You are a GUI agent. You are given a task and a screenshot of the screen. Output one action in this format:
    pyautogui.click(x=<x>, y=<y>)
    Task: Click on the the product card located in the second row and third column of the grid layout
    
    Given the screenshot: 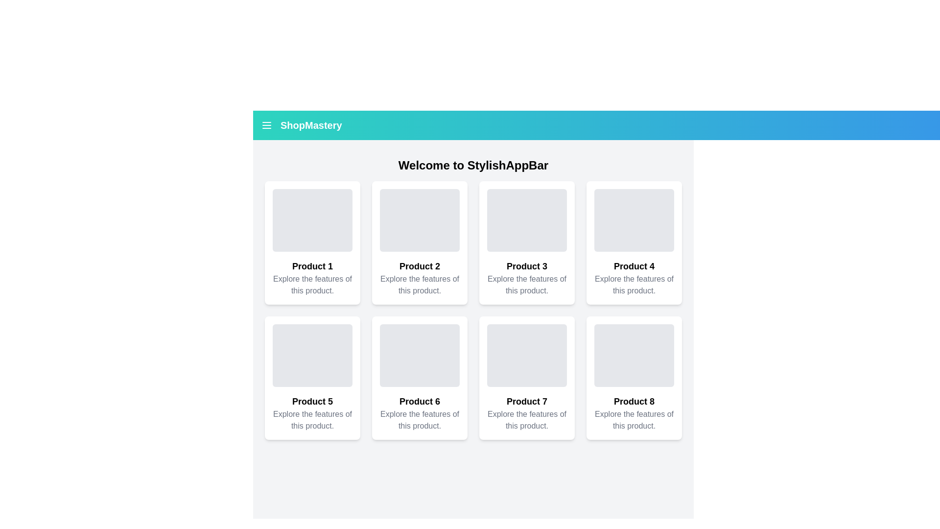 What is the action you would take?
    pyautogui.click(x=526, y=377)
    